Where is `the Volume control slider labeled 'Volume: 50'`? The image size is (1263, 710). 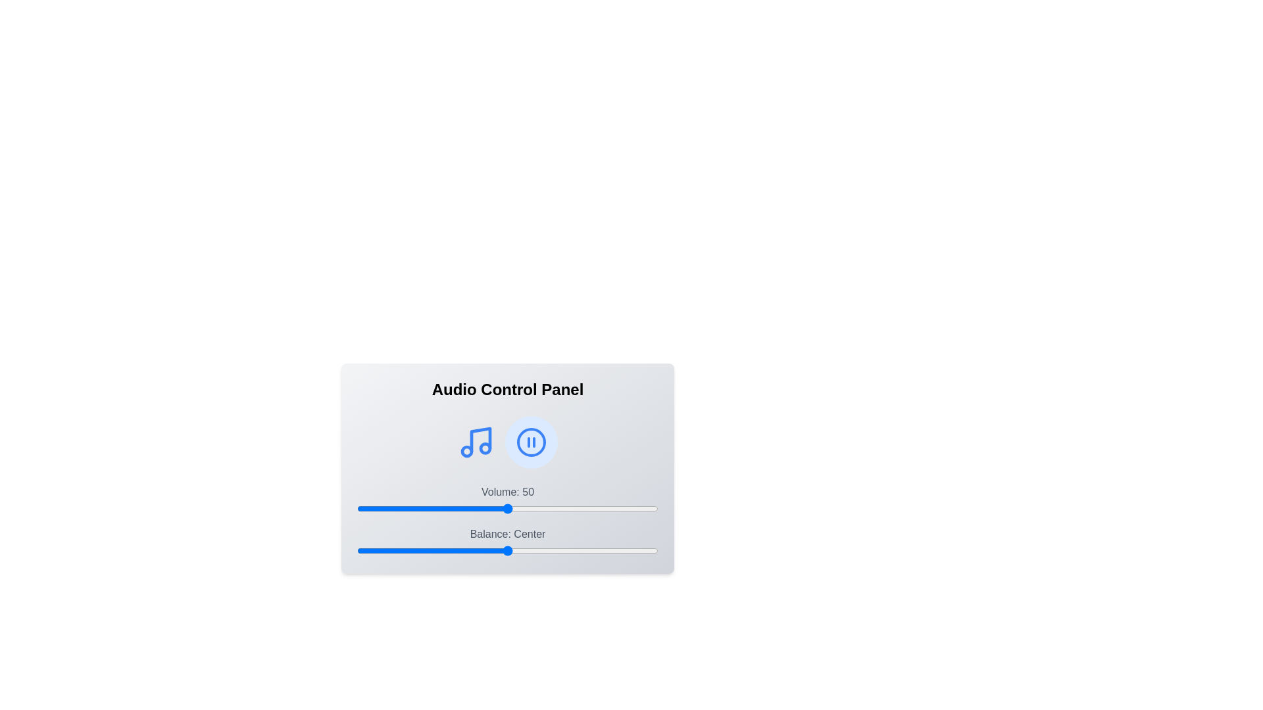
the Volume control slider labeled 'Volume: 50' is located at coordinates (507, 500).